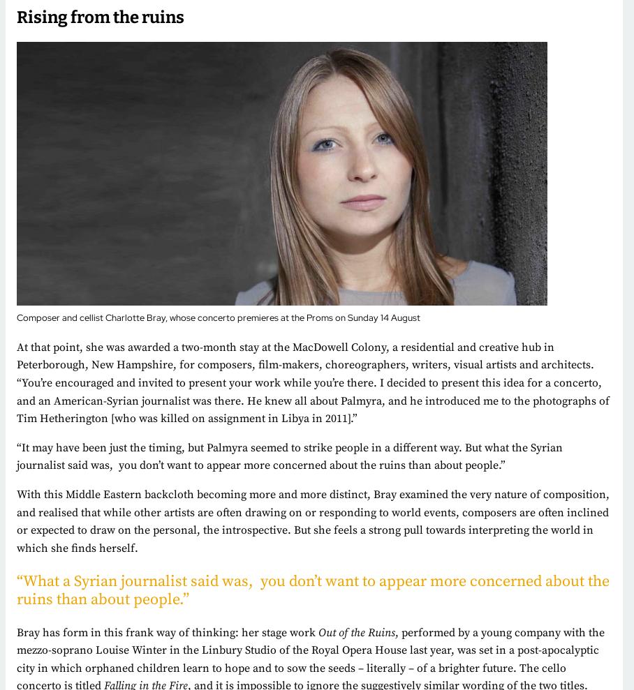 This screenshot has width=634, height=690. Describe the element at coordinates (305, 356) in the screenshot. I see `'At that point, she was awarded a two-month stay at the MacDowell Colony, a residential and creative hub in Peterborough, New Hampshire, for composers, film-makers, choreographers, writers, visual artists and architects.'` at that location.